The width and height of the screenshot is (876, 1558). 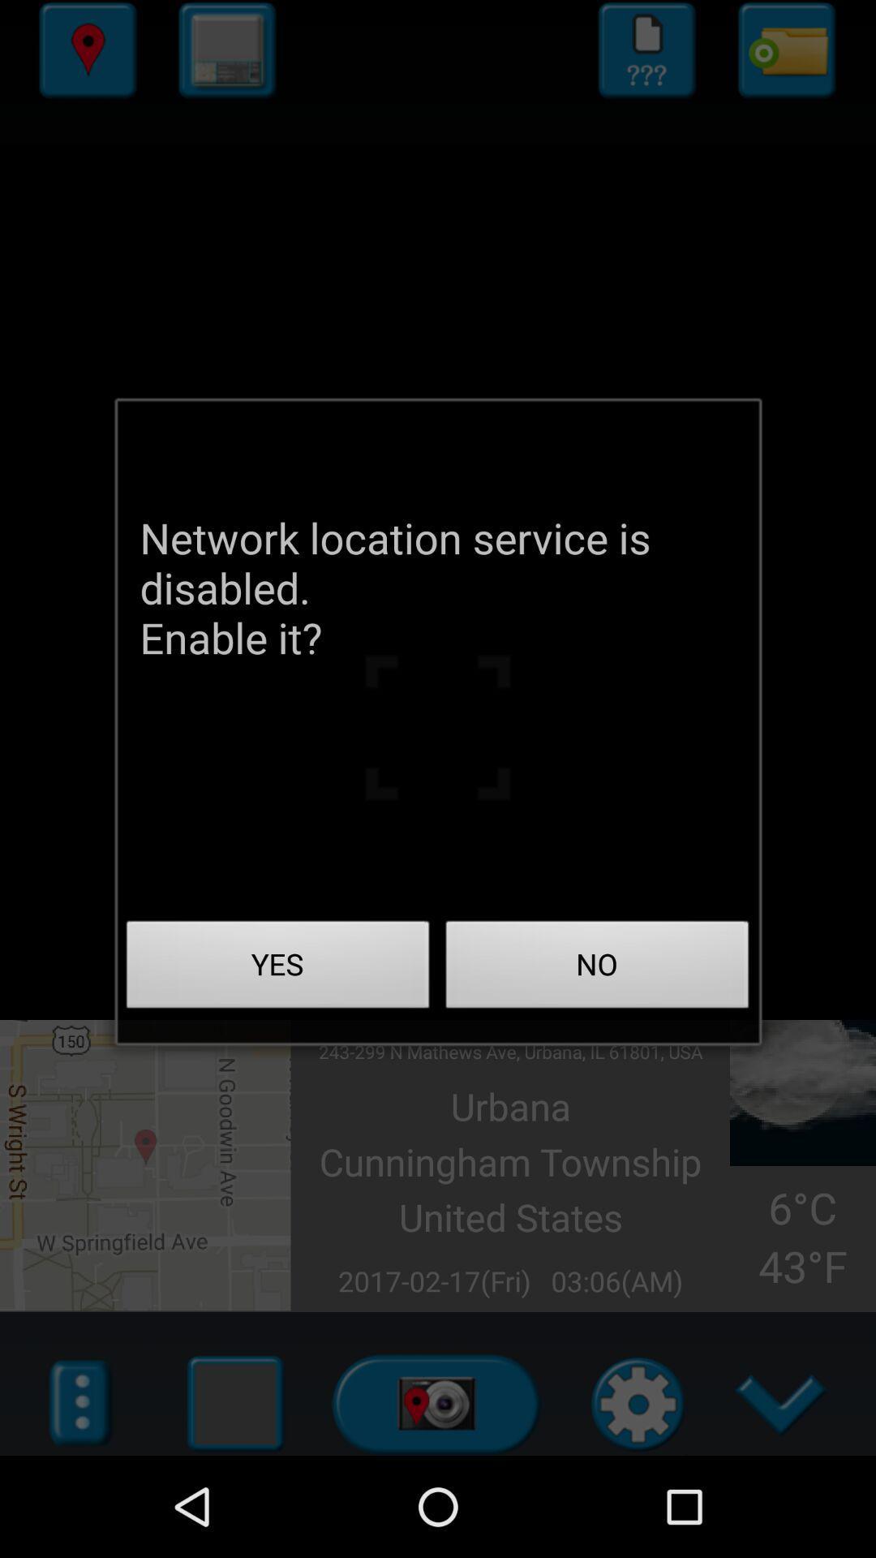 What do you see at coordinates (277, 969) in the screenshot?
I see `yes on the left` at bounding box center [277, 969].